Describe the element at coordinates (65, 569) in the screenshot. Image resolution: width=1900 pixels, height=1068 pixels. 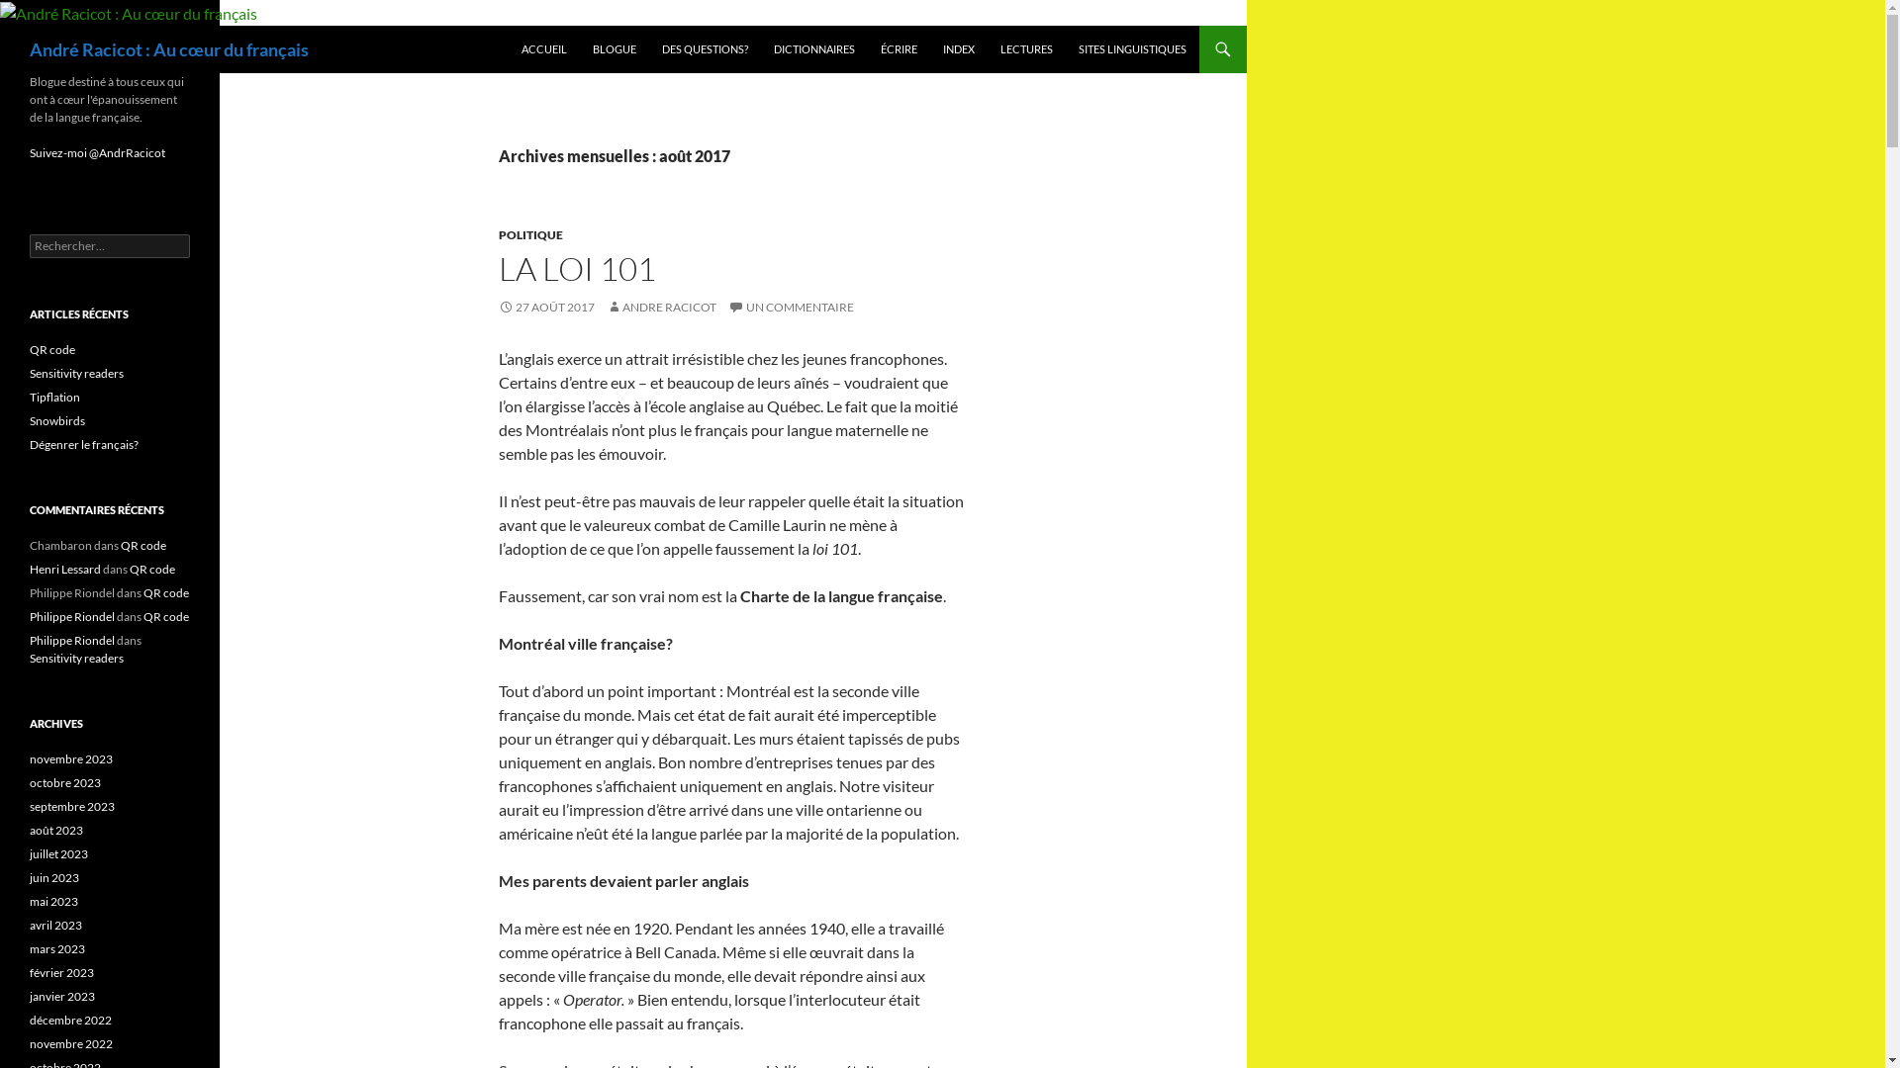
I see `'Henri Lessard'` at that location.